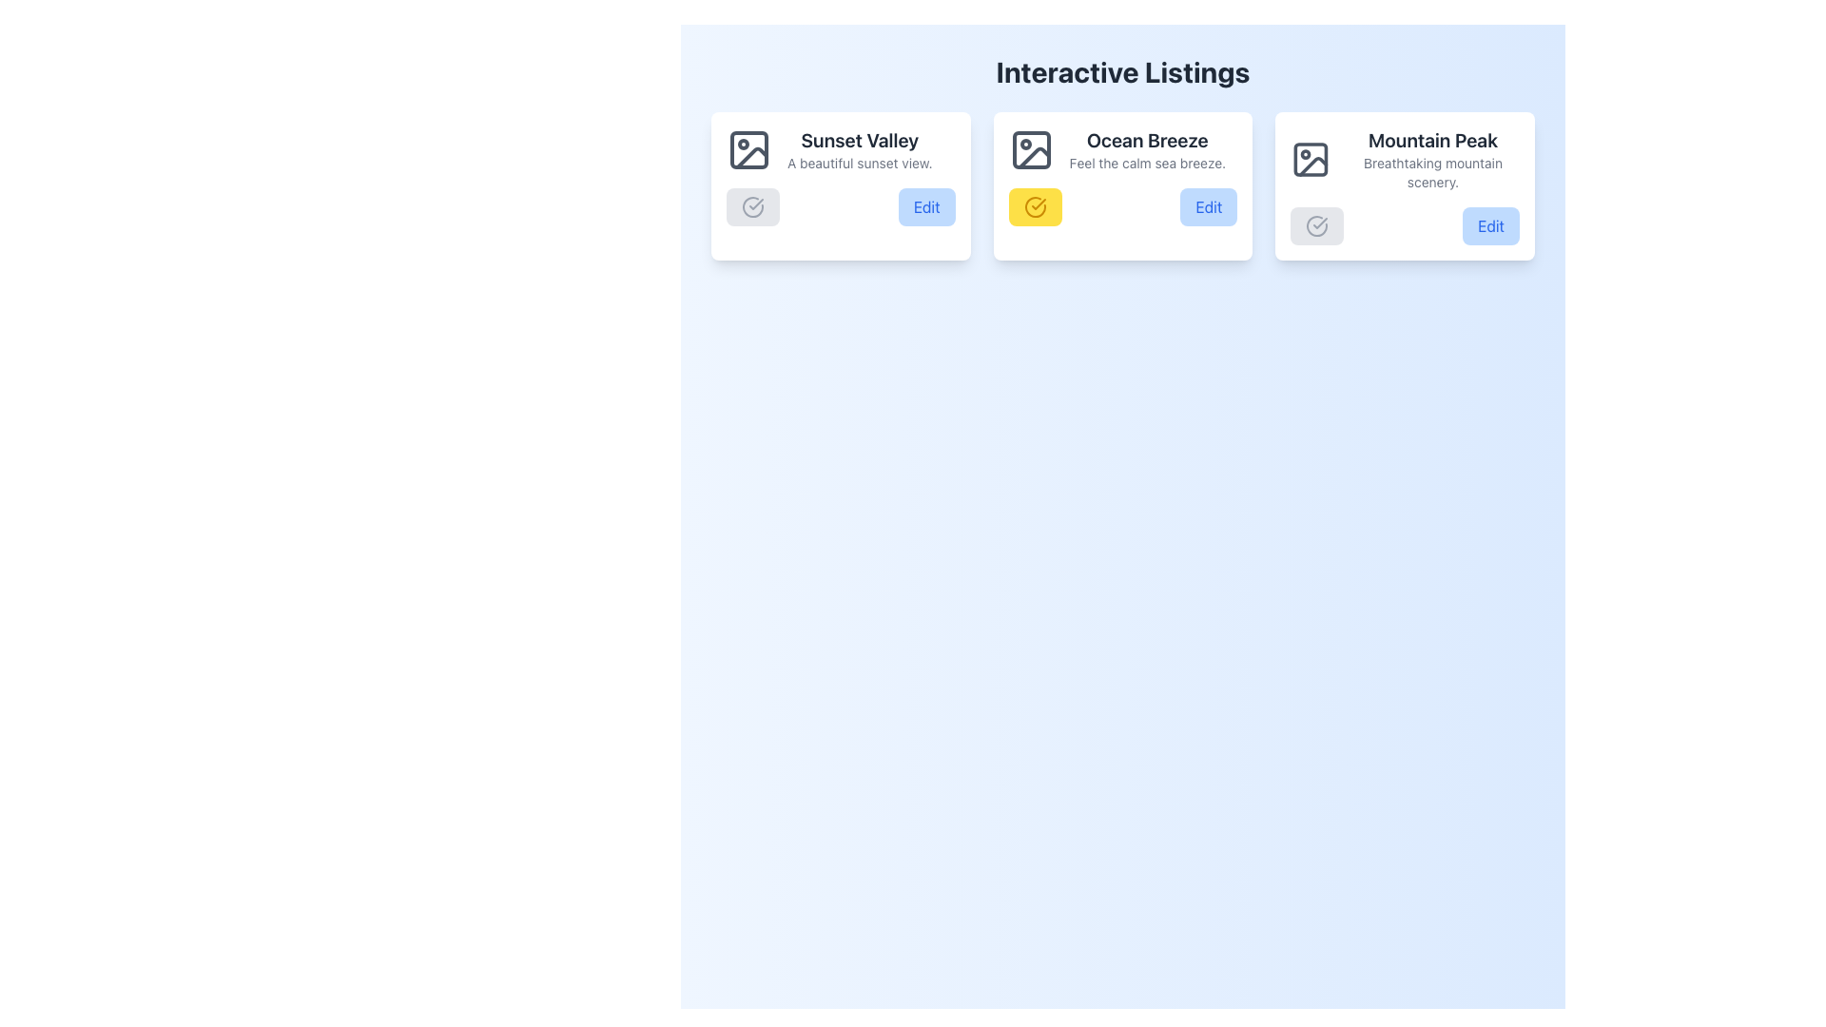 The width and height of the screenshot is (1826, 1027). What do you see at coordinates (1316, 225) in the screenshot?
I see `the status icon for the 'Mountain Peak' listing` at bounding box center [1316, 225].